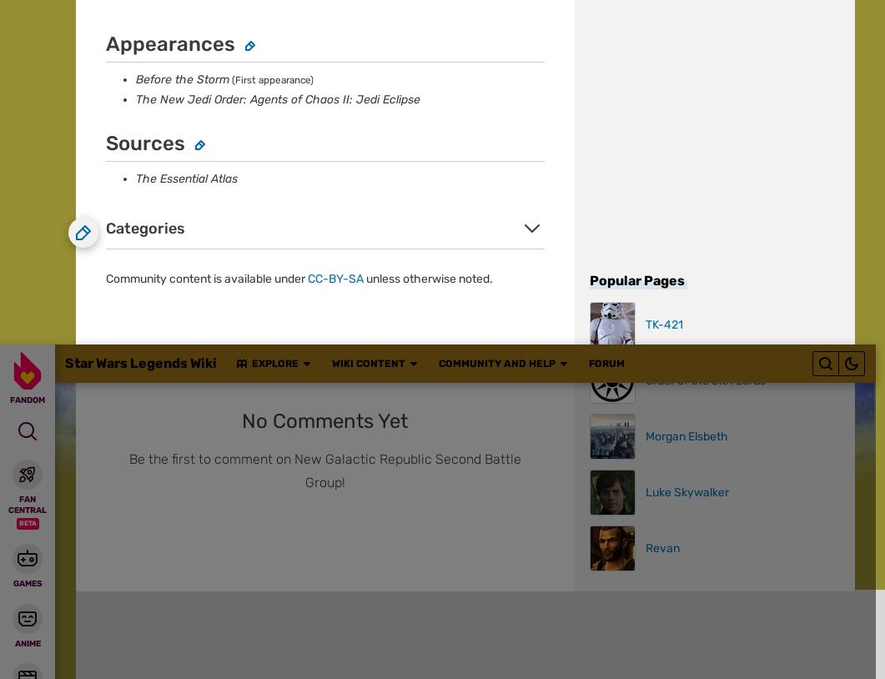 This screenshot has width=885, height=679. What do you see at coordinates (439, 257) in the screenshot?
I see `'Yuuzhan Vong at War Wiki'` at bounding box center [439, 257].